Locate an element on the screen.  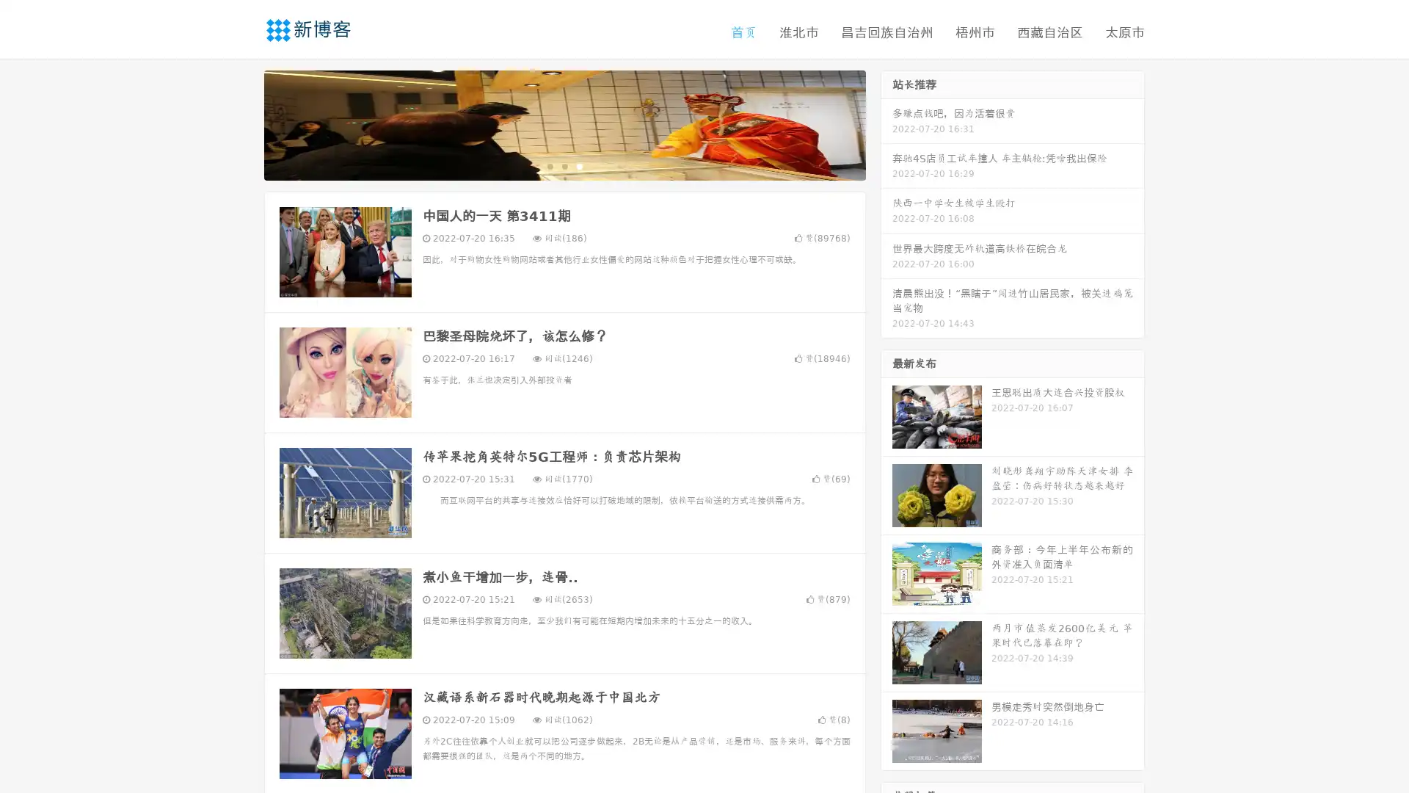
Go to slide 2 is located at coordinates (564, 165).